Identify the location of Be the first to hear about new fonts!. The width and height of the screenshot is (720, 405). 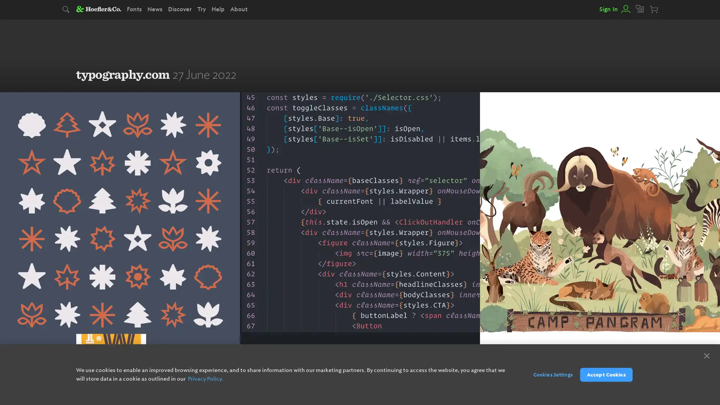
(397, 374).